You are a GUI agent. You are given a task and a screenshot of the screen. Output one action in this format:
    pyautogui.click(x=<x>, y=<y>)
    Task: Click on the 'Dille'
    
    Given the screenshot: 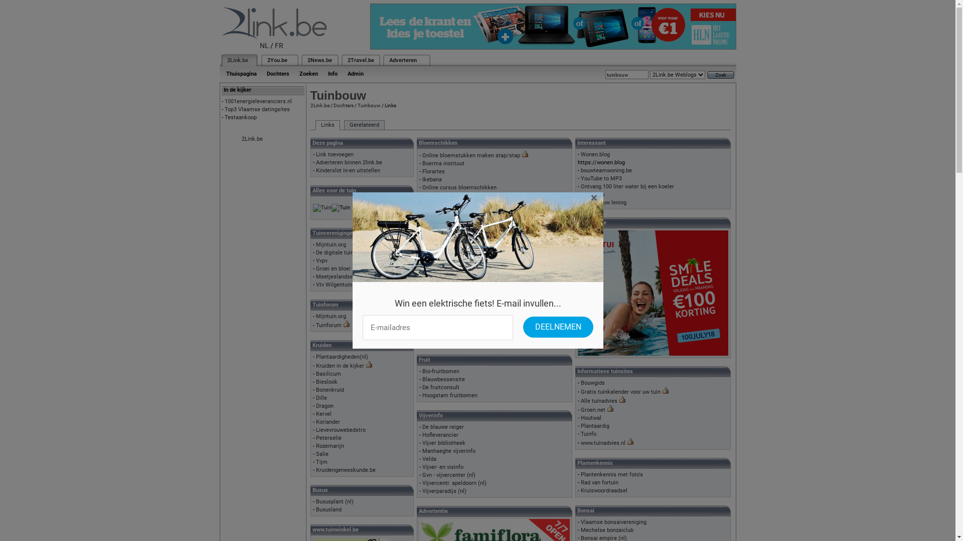 What is the action you would take?
    pyautogui.click(x=315, y=397)
    